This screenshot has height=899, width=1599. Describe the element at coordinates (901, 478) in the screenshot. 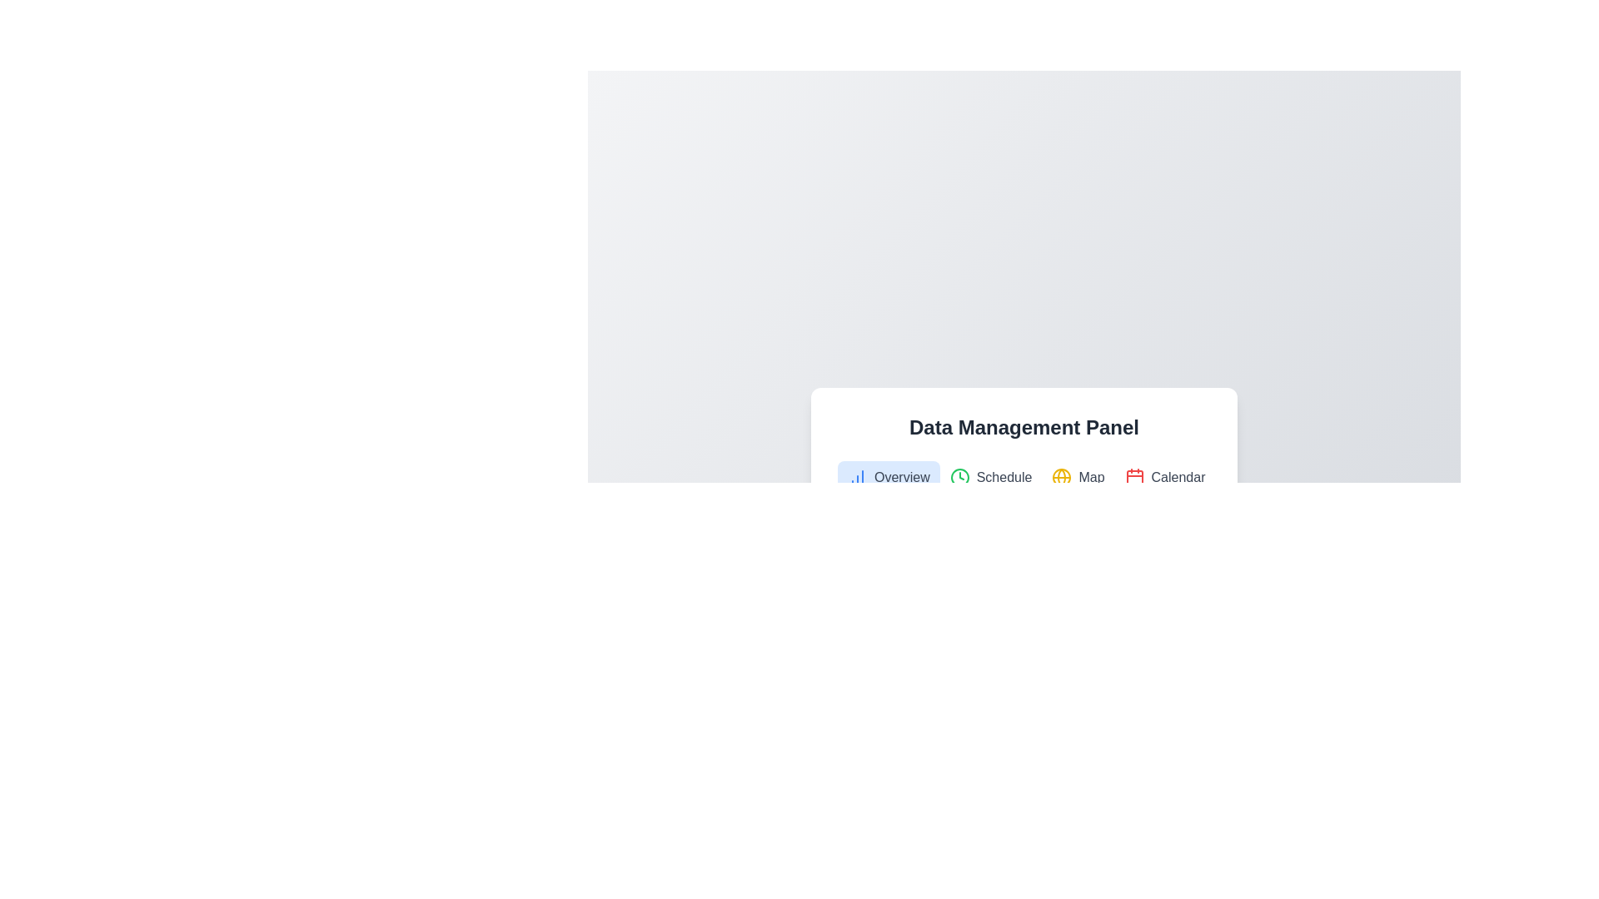

I see `the 'Overview' text element, which is part of the navigation menu and located next to the increasing column chart icon` at that location.